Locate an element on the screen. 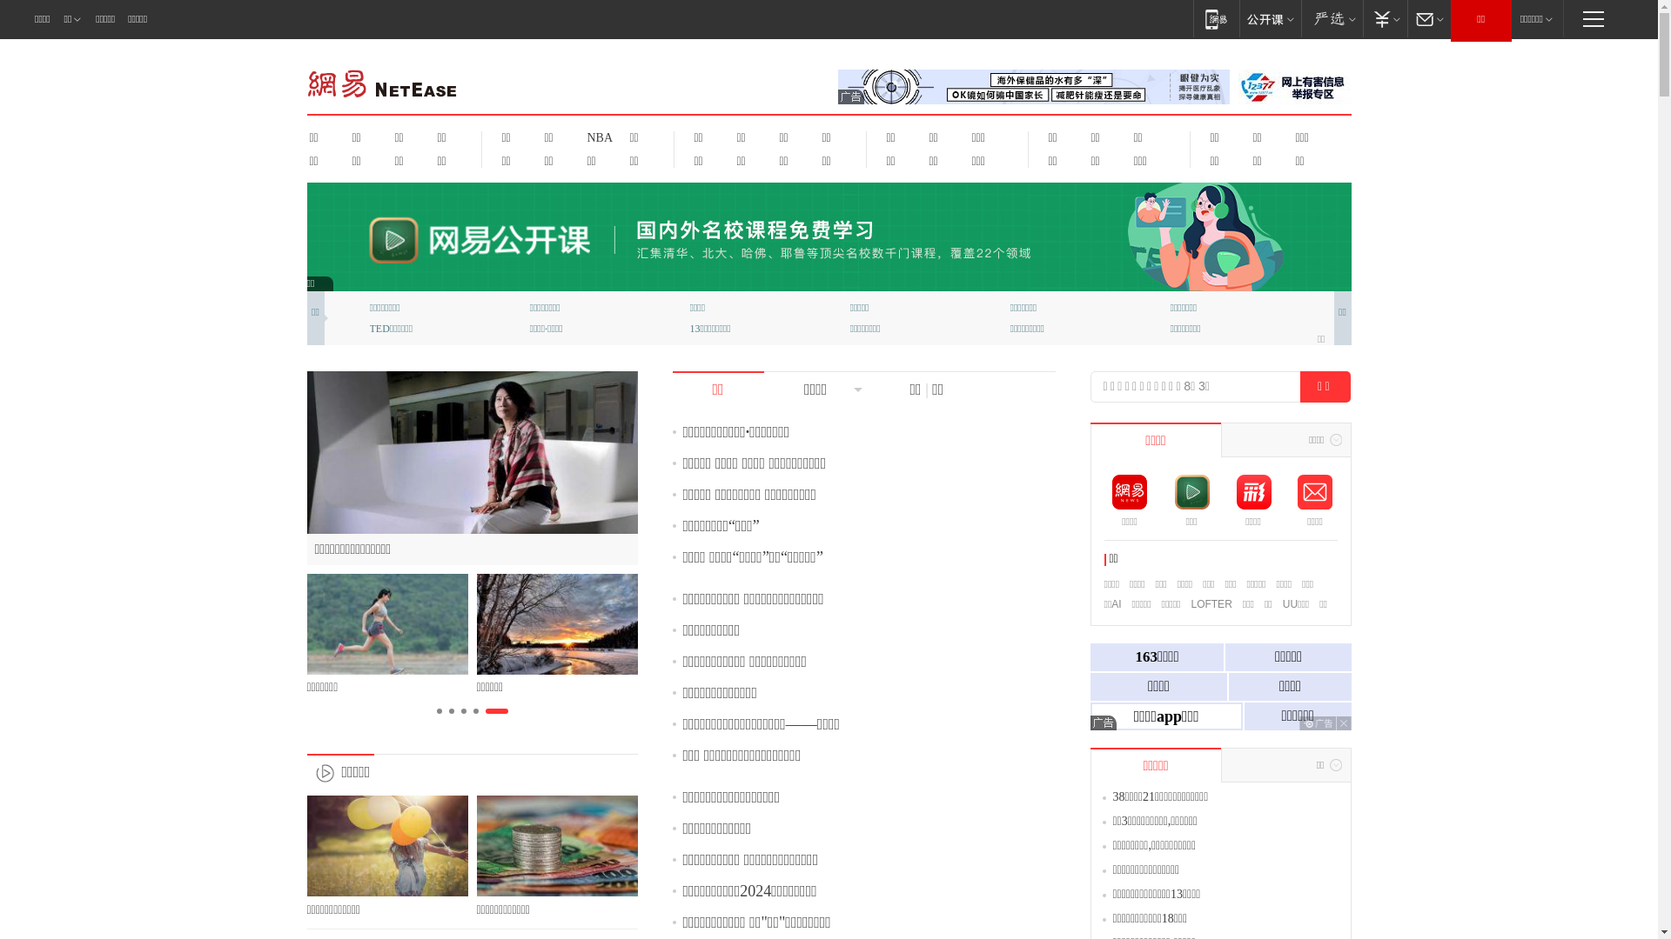 The height and width of the screenshot is (939, 1671). 'NBA' is located at coordinates (576, 137).